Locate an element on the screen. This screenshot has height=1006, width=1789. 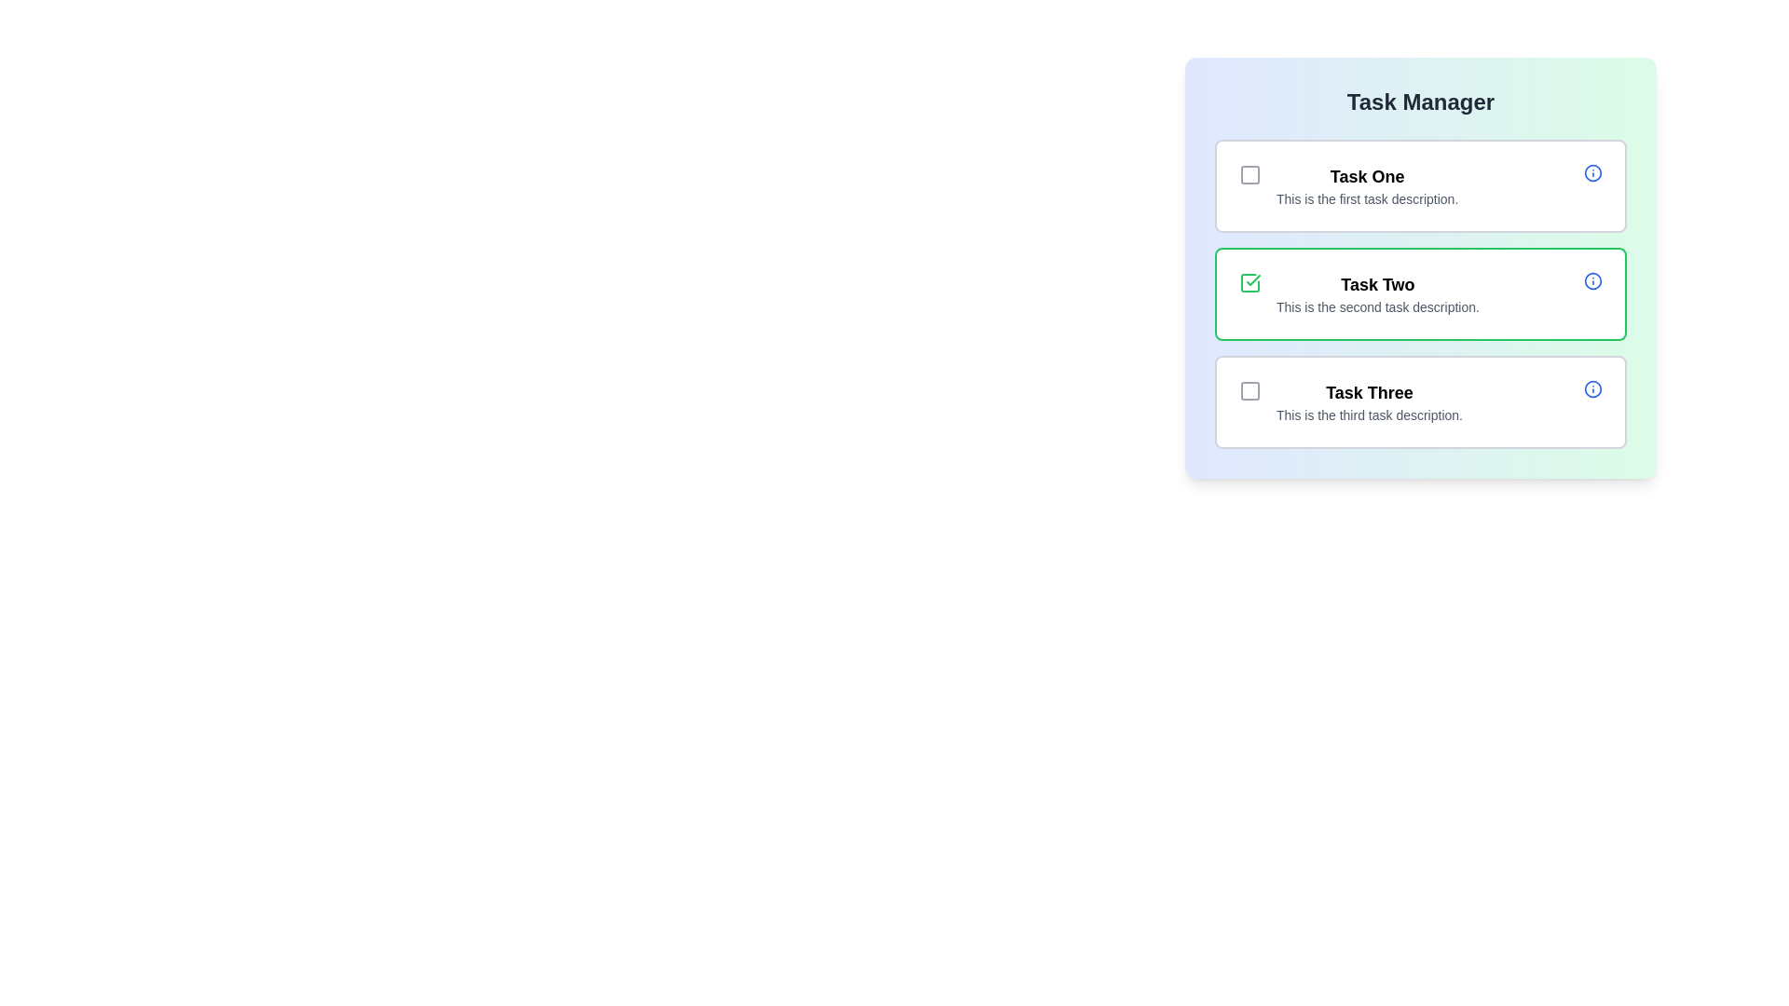
the Text Label that describes 'Task One', located directly below its title in the task group box in the upper section of the interface is located at coordinates (1367, 198).